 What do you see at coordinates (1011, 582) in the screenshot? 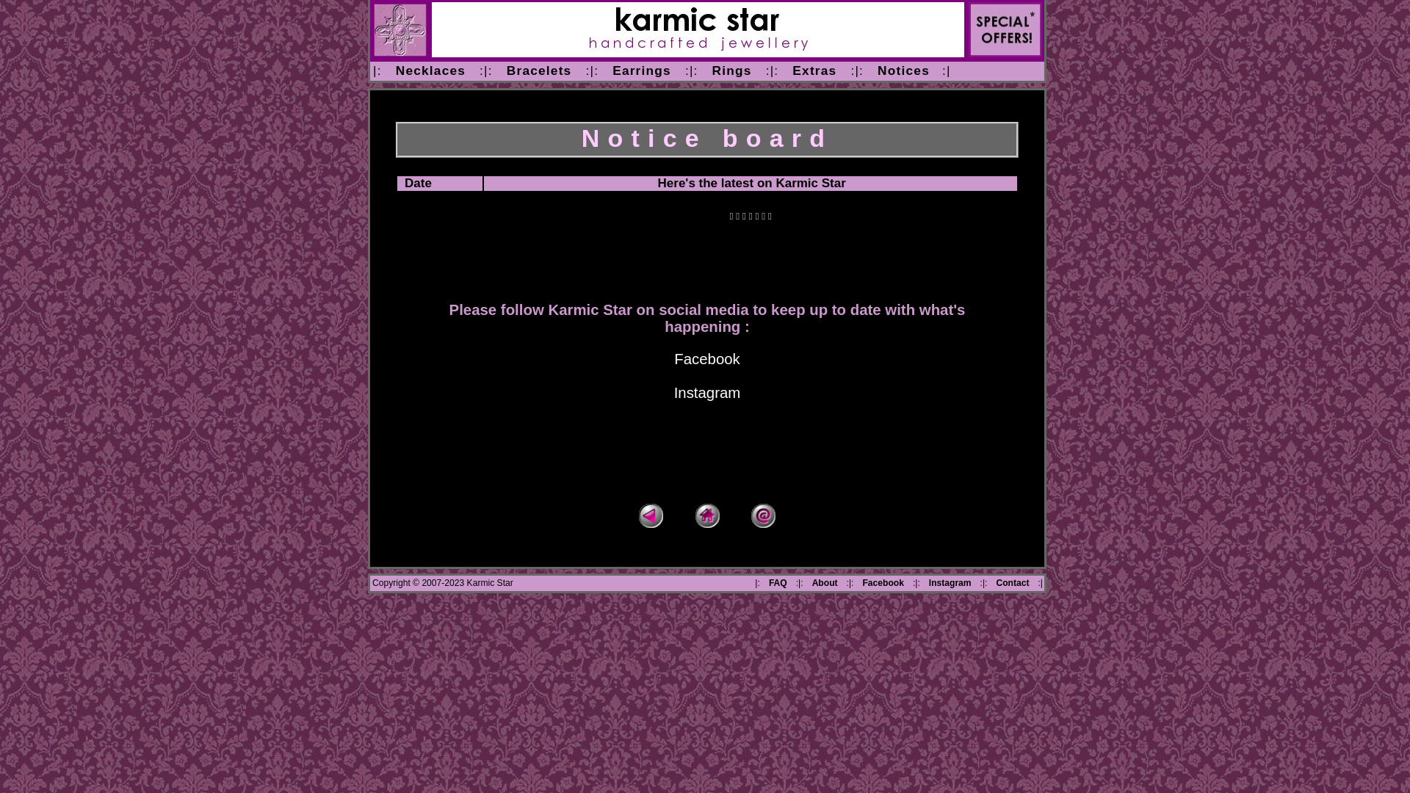
I see `'Contact'` at bounding box center [1011, 582].